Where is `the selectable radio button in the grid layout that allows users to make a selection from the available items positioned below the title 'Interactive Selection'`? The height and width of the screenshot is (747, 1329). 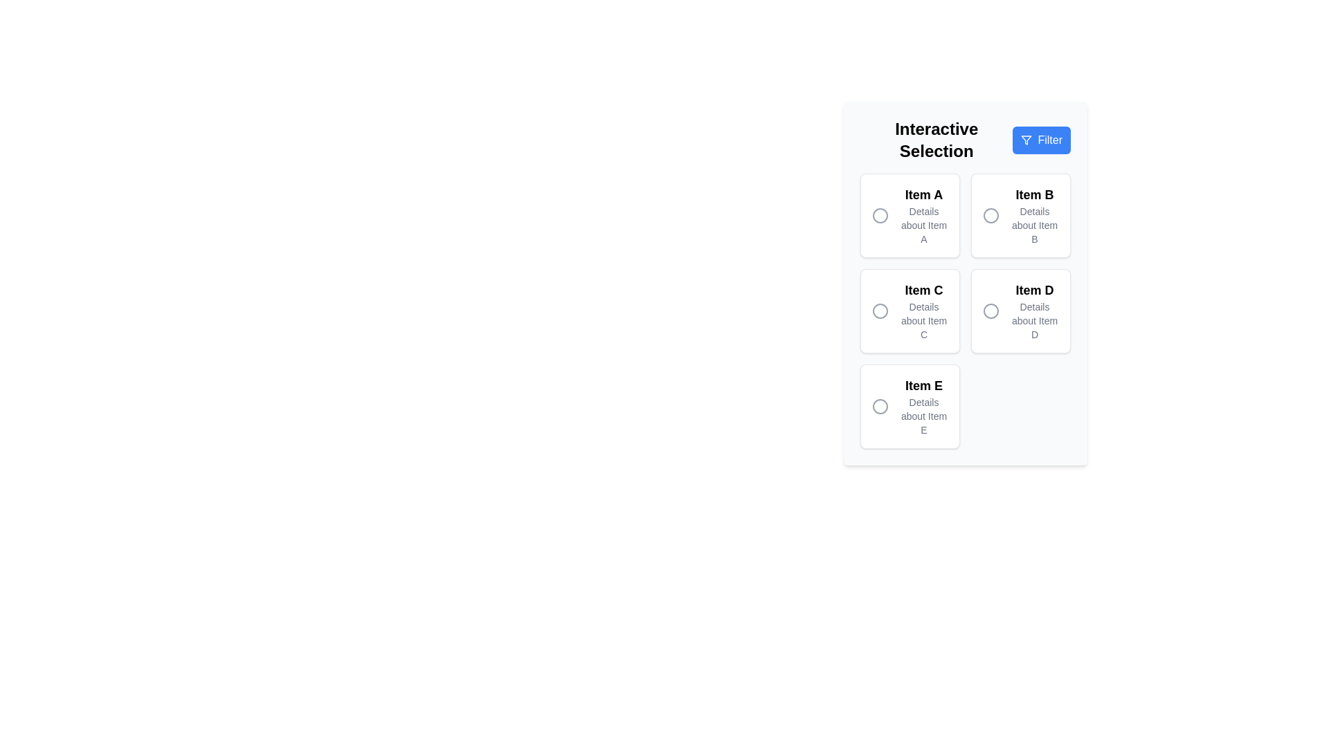 the selectable radio button in the grid layout that allows users to make a selection from the available items positioned below the title 'Interactive Selection' is located at coordinates (965, 311).